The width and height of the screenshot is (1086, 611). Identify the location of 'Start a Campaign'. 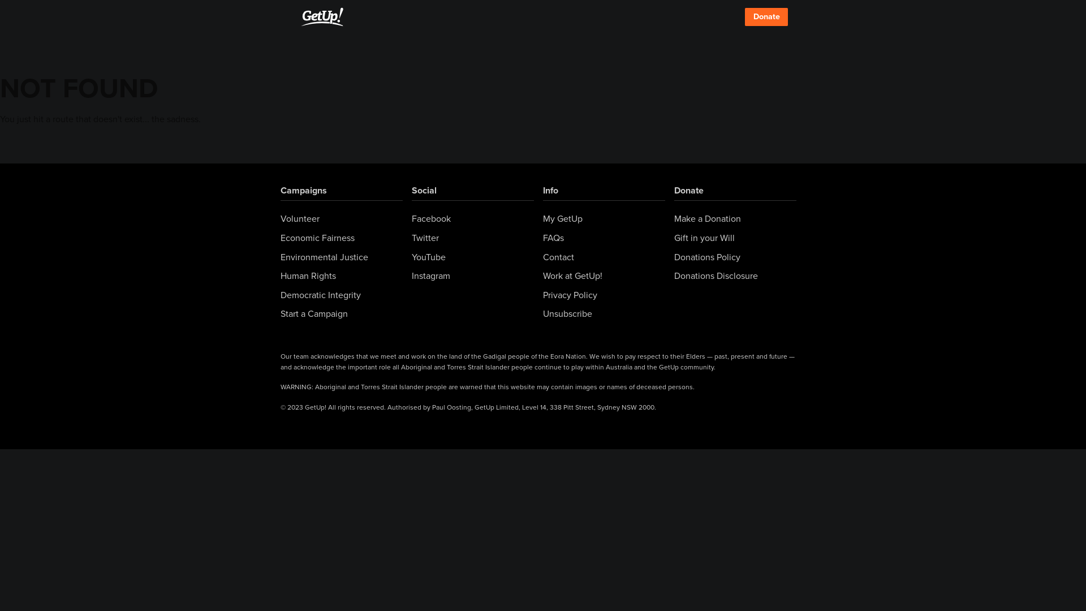
(280, 314).